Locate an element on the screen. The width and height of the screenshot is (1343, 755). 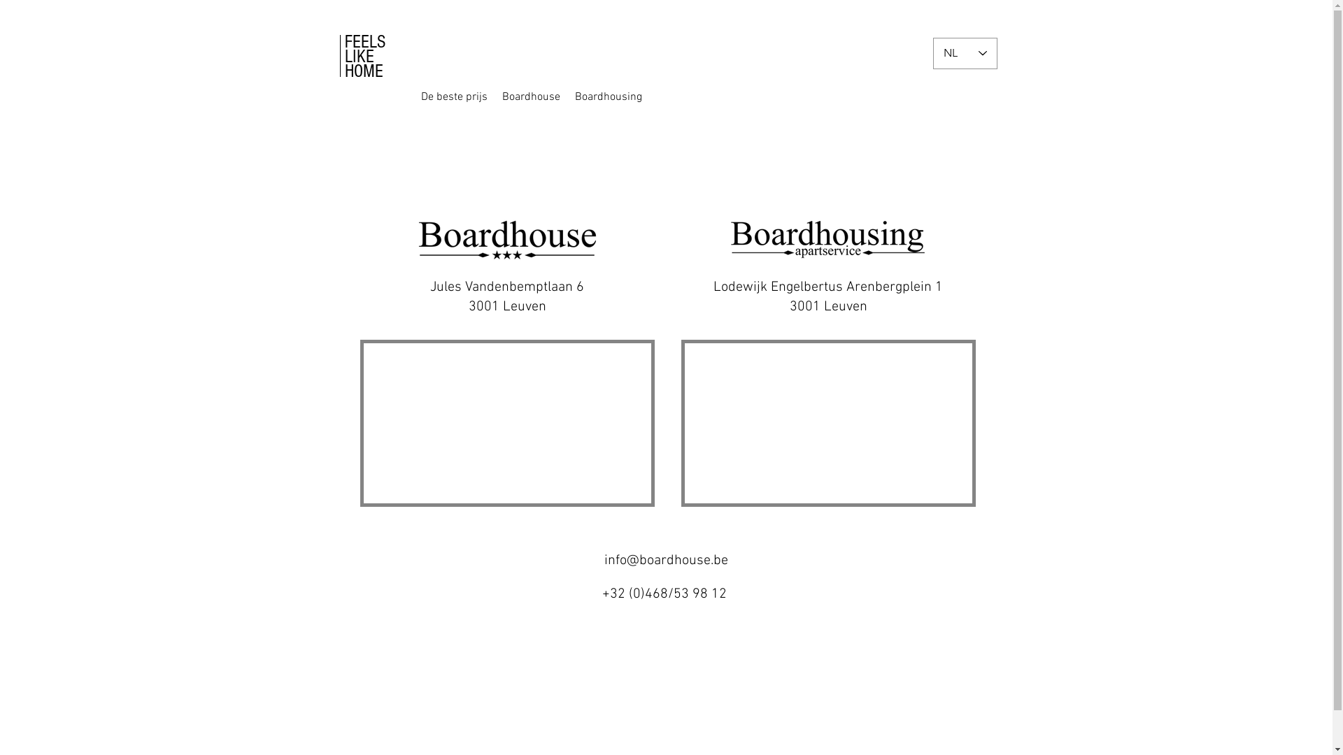
'Boardhouse' is located at coordinates (492, 96).